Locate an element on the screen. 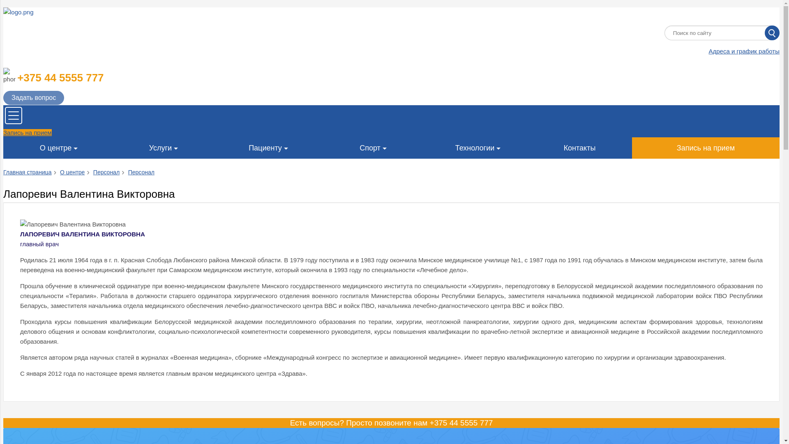 The image size is (789, 444). 'phone.png' is located at coordinates (9, 76).